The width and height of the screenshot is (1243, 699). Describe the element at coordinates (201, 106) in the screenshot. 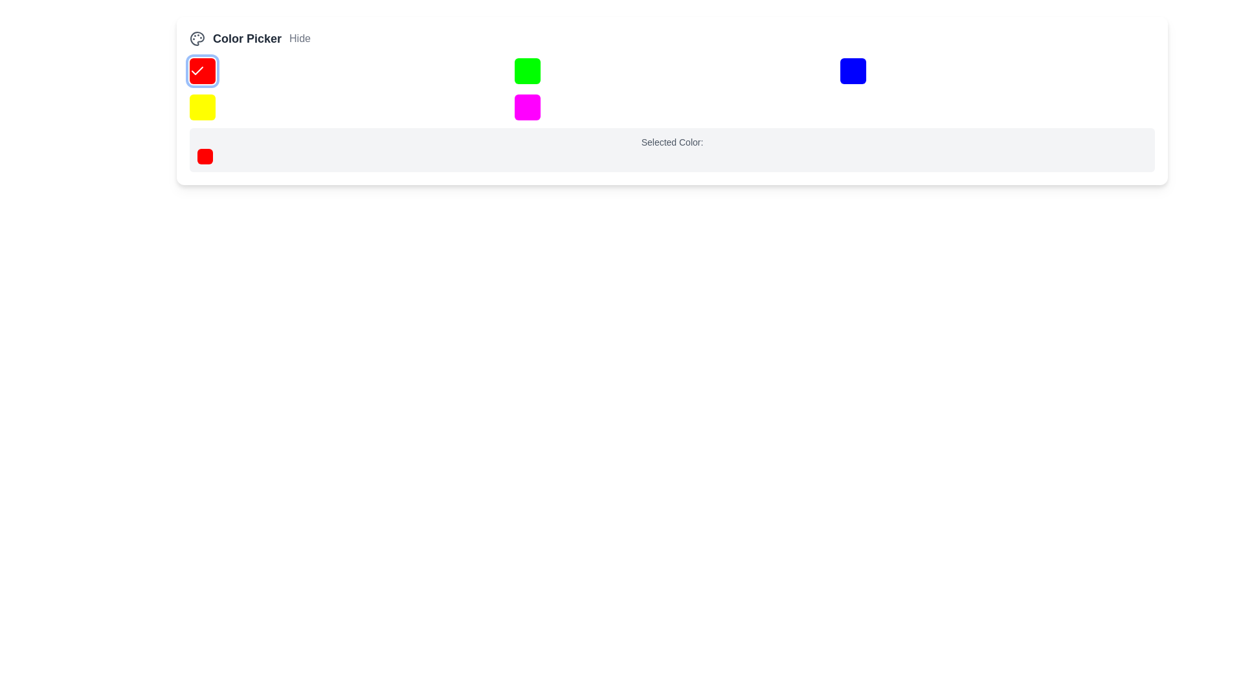

I see `the bright yellow square-shaped color selection box with rounded corners in the grid layout` at that location.